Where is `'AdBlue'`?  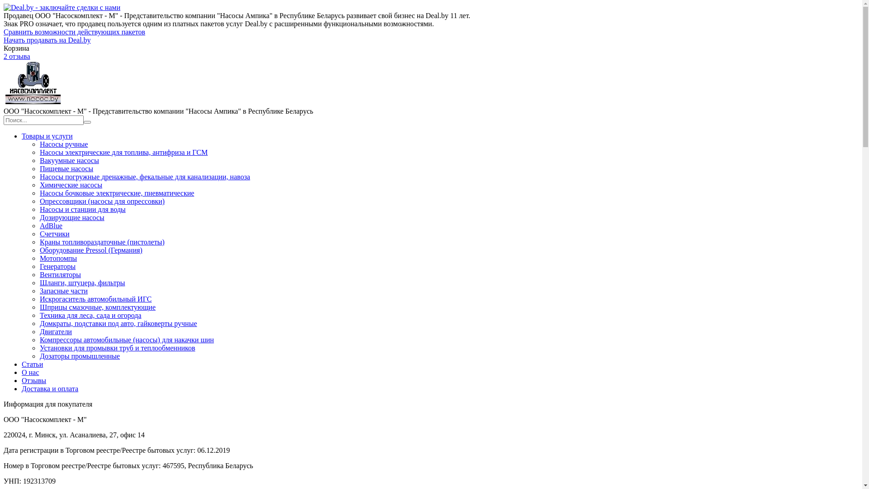 'AdBlue' is located at coordinates (51, 225).